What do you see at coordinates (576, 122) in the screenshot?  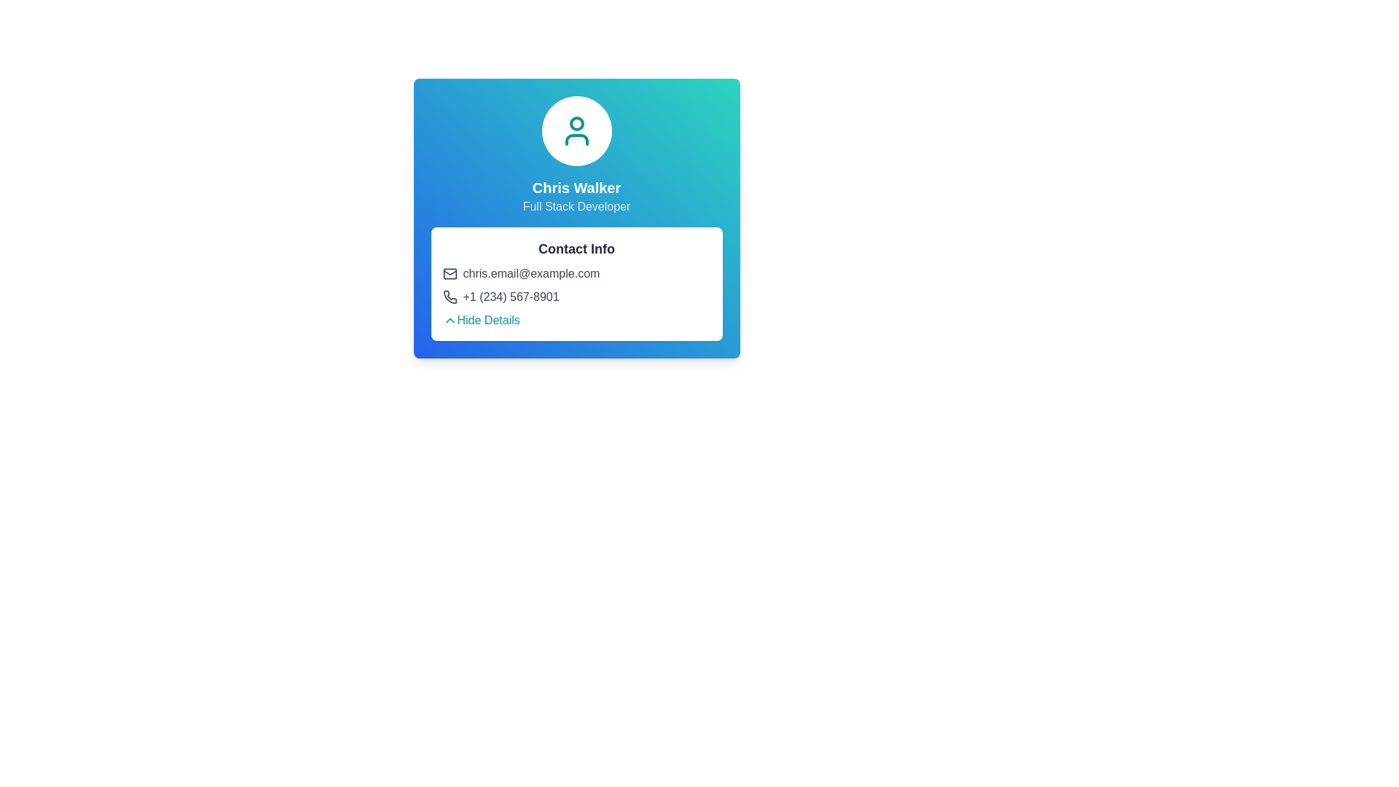 I see `the light teal circular element within the user's profile icon, located above the name 'Chris Walker'` at bounding box center [576, 122].